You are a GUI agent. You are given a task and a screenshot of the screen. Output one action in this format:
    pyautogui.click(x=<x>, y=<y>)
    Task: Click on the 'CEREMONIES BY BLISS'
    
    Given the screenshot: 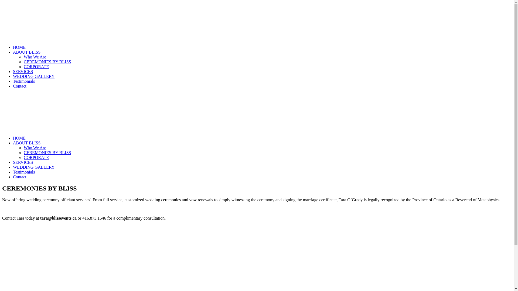 What is the action you would take?
    pyautogui.click(x=47, y=153)
    